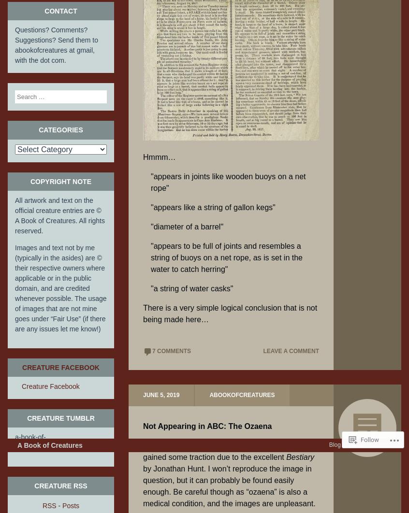 The width and height of the screenshot is (409, 513). I want to click on 'Copyright Note', so click(60, 180).